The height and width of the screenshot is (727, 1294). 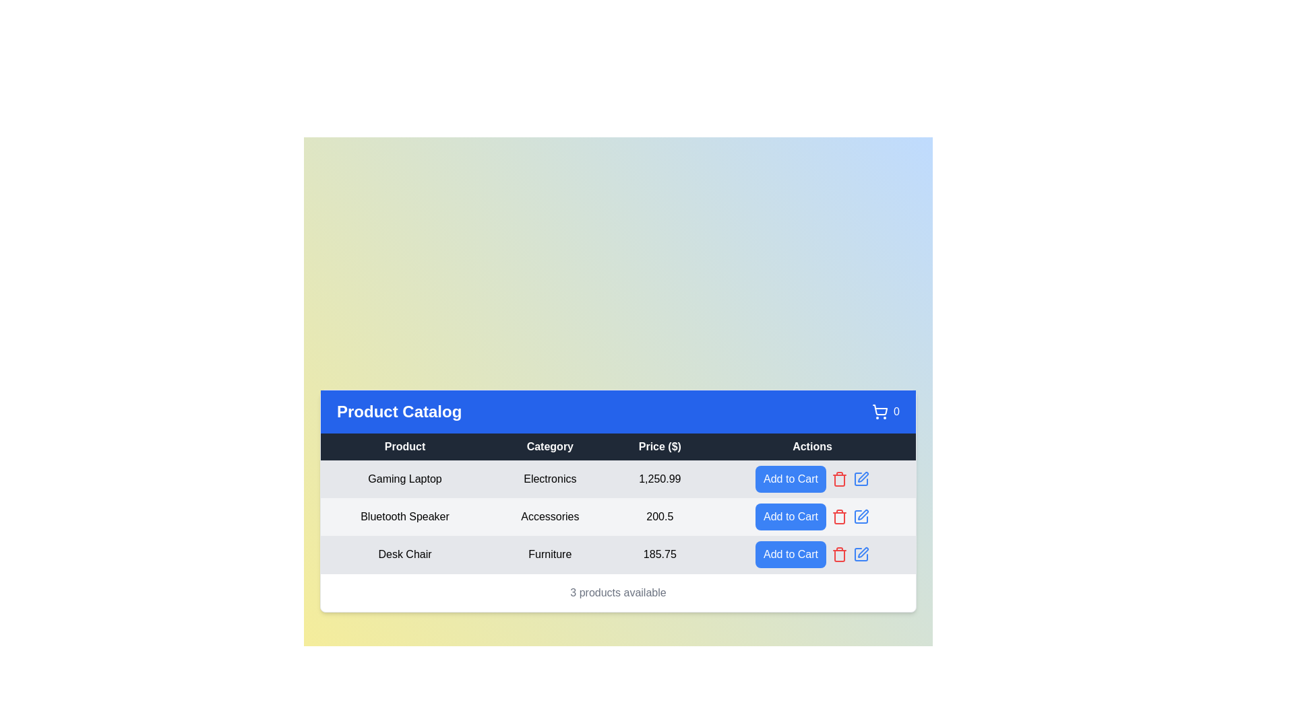 I want to click on the delete button in the Actions column of the row for the product 'Gaming Laptop', so click(x=838, y=478).